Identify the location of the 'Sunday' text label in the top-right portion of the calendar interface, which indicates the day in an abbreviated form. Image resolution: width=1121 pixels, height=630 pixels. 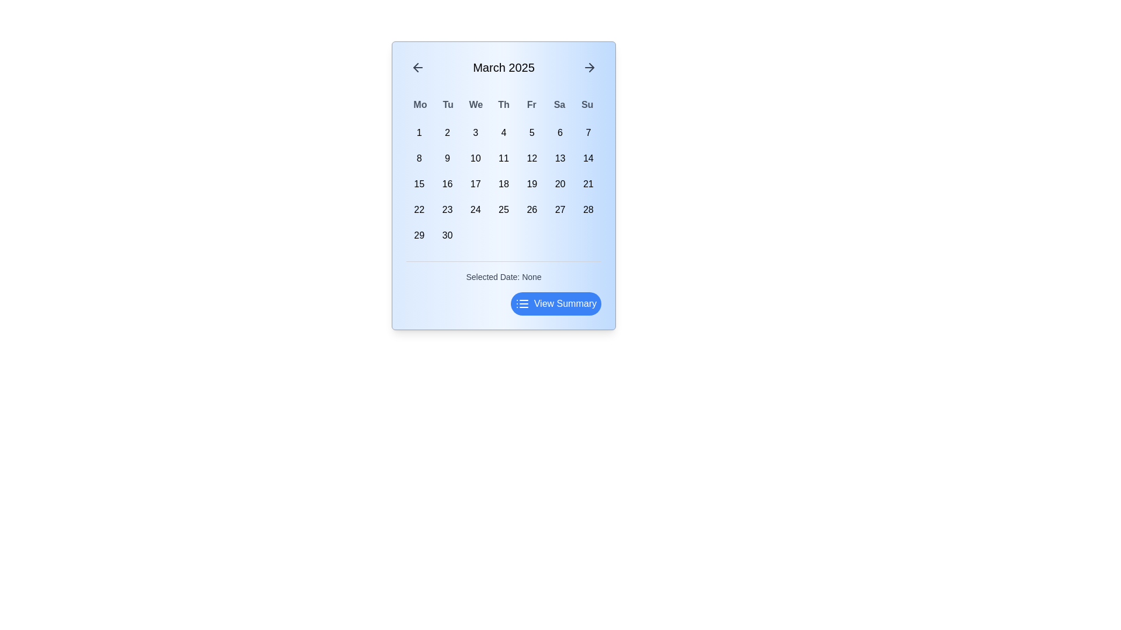
(587, 105).